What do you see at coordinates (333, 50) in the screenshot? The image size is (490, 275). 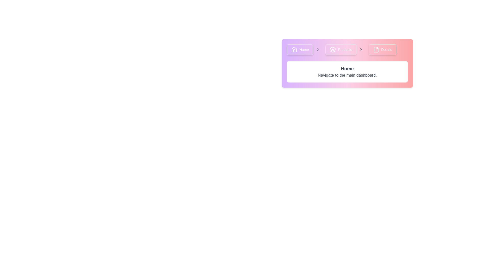 I see `the middle layer of the SVG graphic icon within the breadcrumb navigation bar, which is visually identifiable as the central part of the icon` at bounding box center [333, 50].